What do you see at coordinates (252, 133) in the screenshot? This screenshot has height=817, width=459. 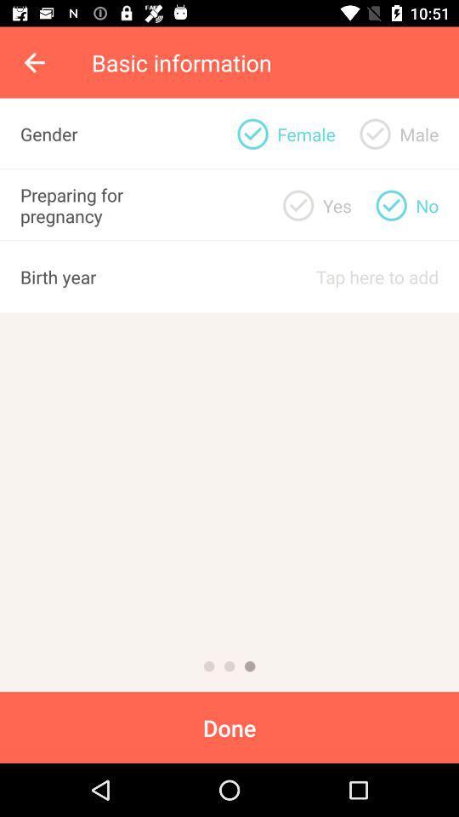 I see `choose gender` at bounding box center [252, 133].